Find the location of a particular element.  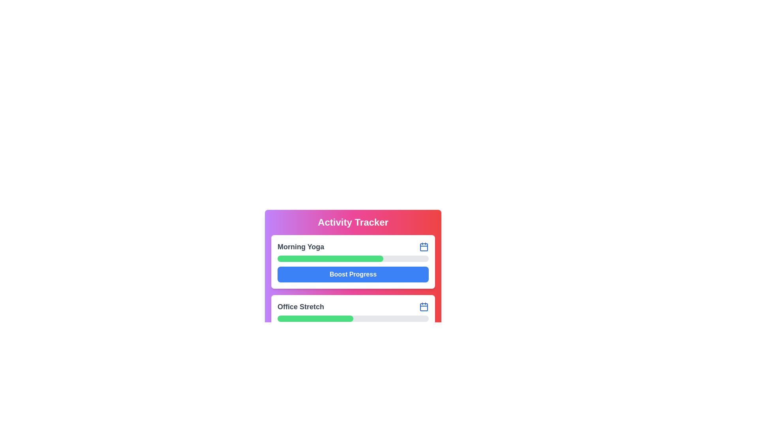

the button located beneath the progress bar within the 'Morning Yoga' card to boost progress is located at coordinates (353, 274).